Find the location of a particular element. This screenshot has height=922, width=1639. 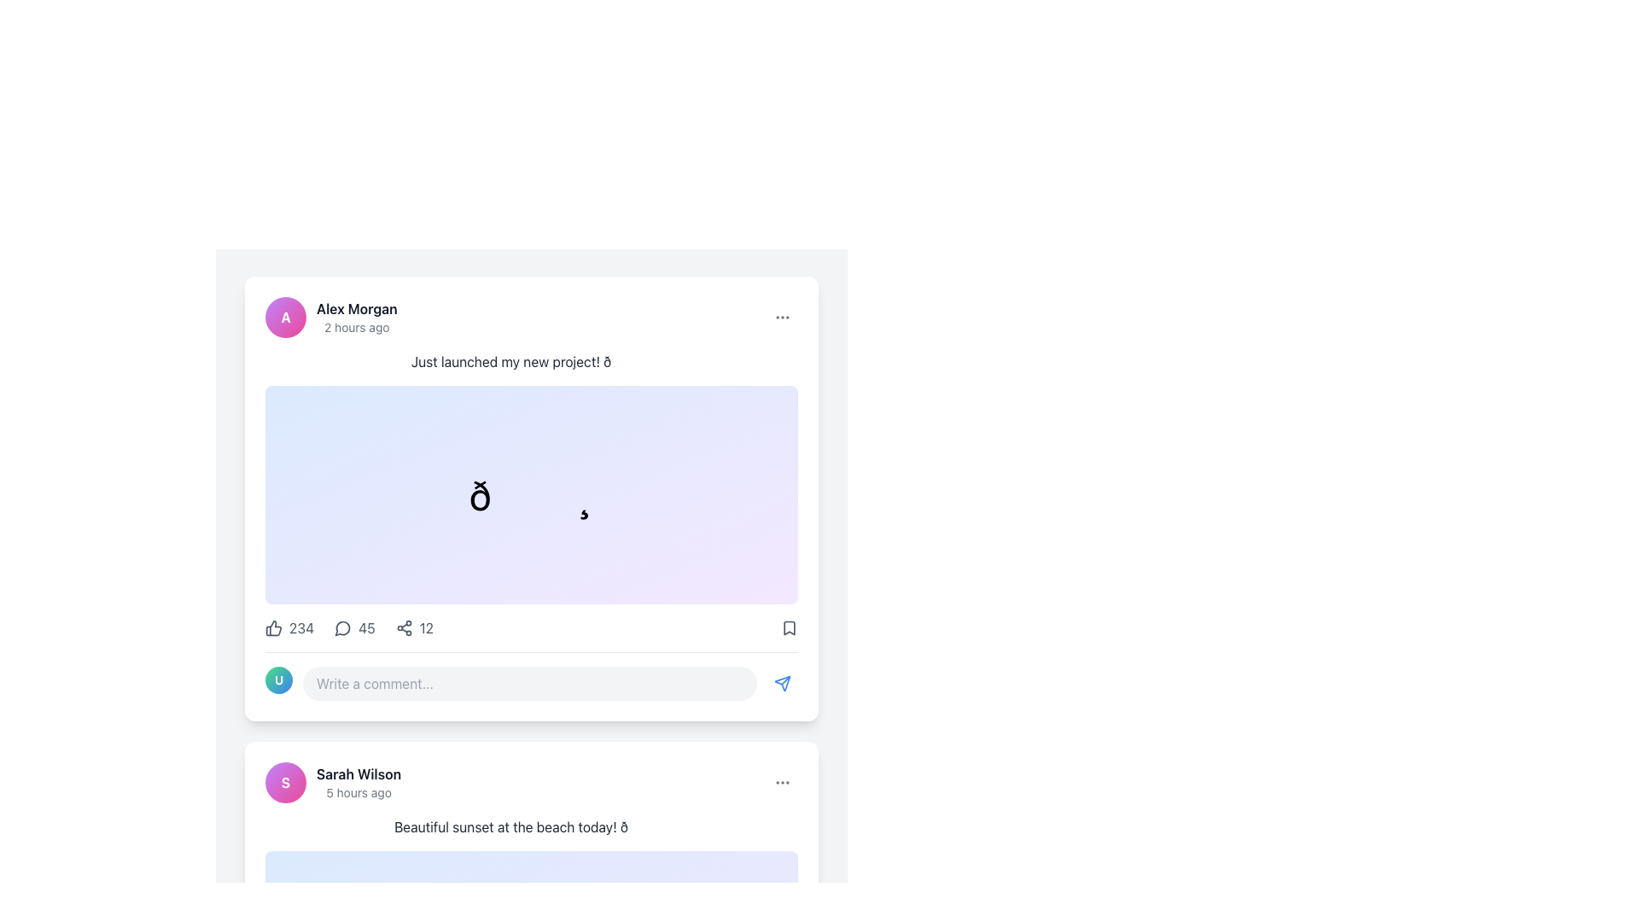

the minimalist share icon located between the comment icon and the numeric display of shares in the post interaction section to initiate sharing functionality is located at coordinates (403, 628).